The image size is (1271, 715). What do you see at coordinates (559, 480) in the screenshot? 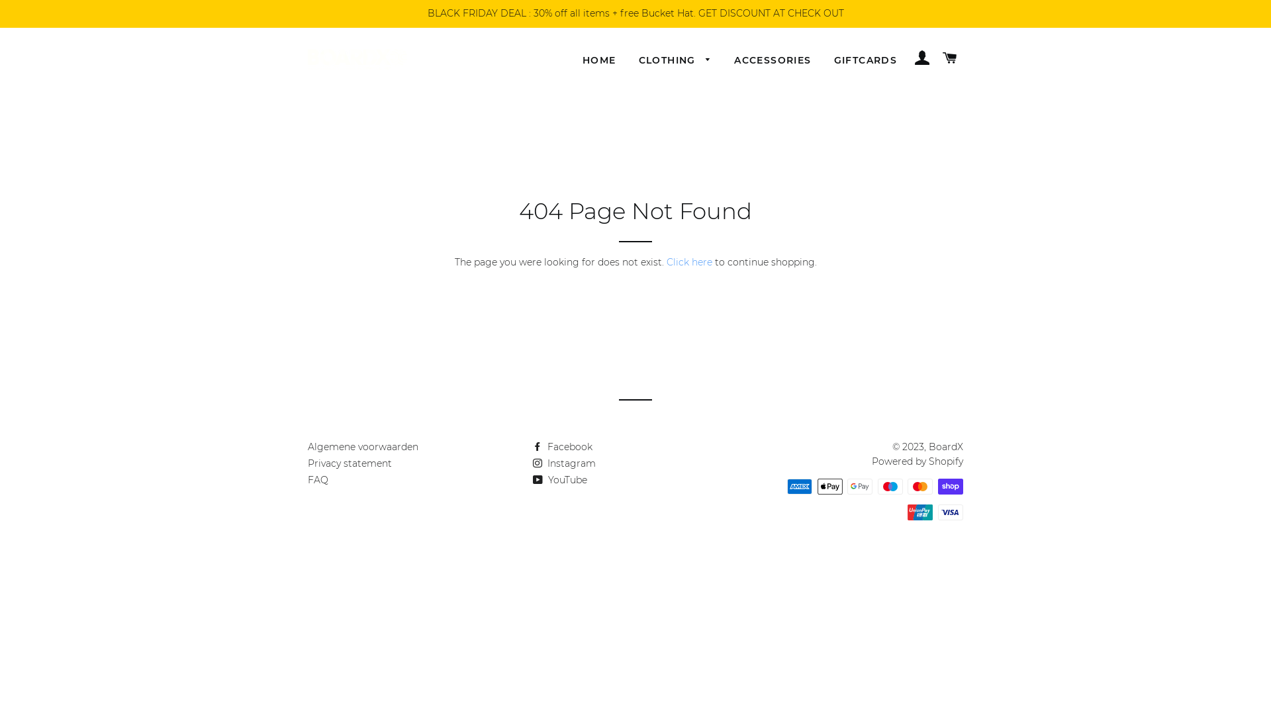
I see `'YouTube'` at bounding box center [559, 480].